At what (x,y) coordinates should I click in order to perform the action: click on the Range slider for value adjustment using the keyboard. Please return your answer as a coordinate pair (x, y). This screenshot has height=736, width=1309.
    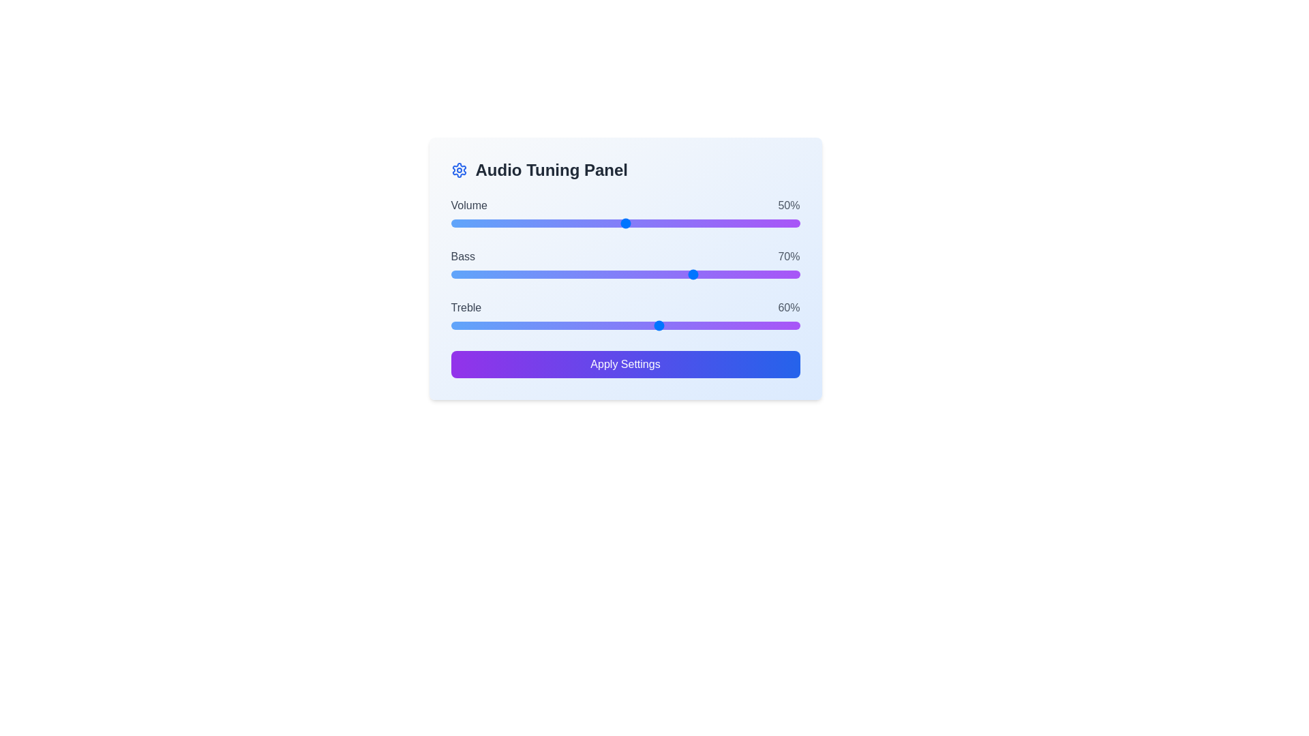
    Looking at the image, I should click on (625, 222).